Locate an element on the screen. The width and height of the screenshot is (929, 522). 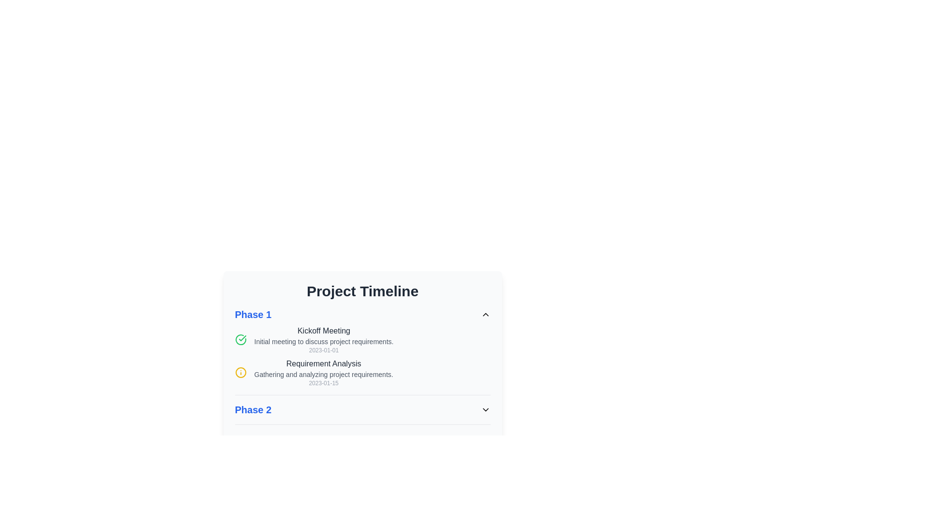
the text label providing additional information about the 'Requirement Analysis' entry, which is located below the 'Requirement Analysis' label and above the date '2023-01-15' in the timeline section is located at coordinates (324, 374).